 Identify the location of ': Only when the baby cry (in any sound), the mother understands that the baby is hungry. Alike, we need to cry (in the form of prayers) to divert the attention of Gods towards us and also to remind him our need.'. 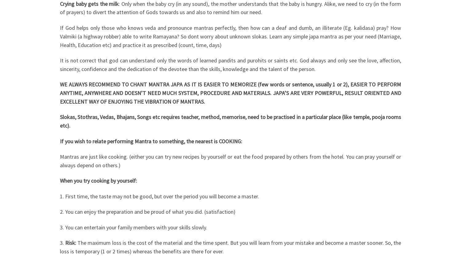
(230, 8).